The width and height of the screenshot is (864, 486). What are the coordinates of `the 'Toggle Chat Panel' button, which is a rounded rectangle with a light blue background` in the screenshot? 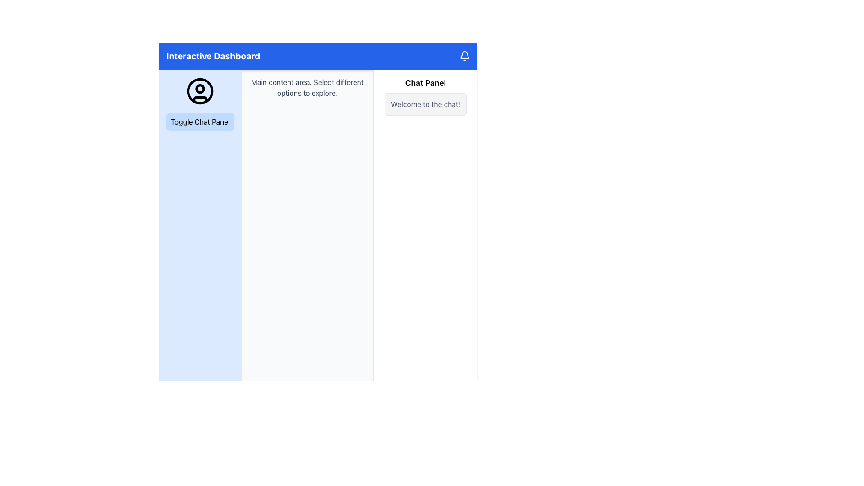 It's located at (200, 121).